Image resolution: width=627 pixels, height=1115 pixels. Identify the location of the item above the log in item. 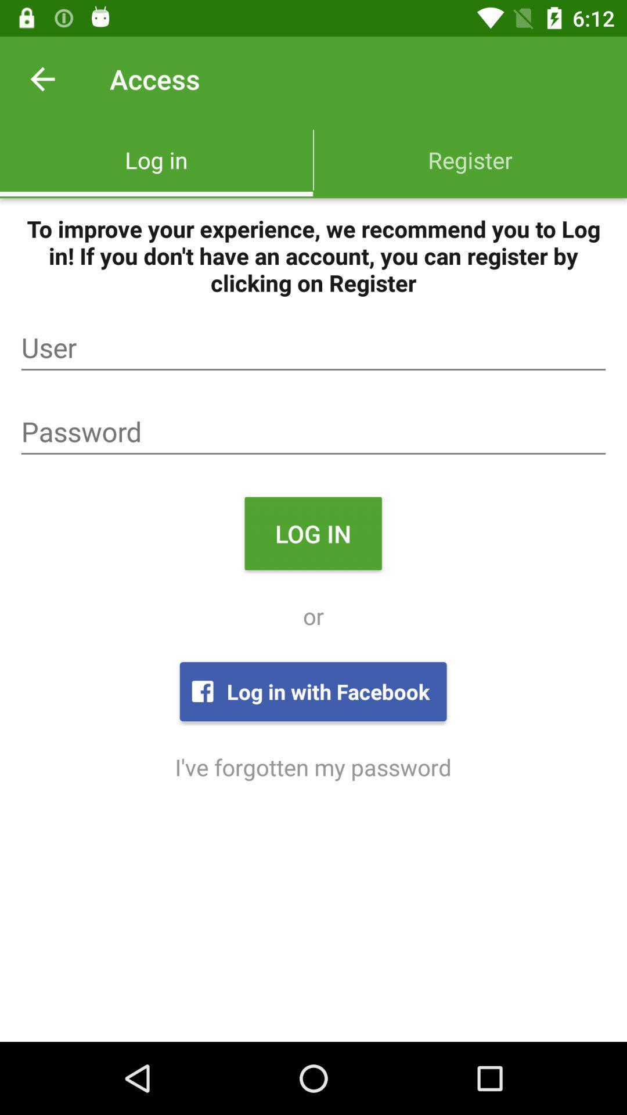
(313, 431).